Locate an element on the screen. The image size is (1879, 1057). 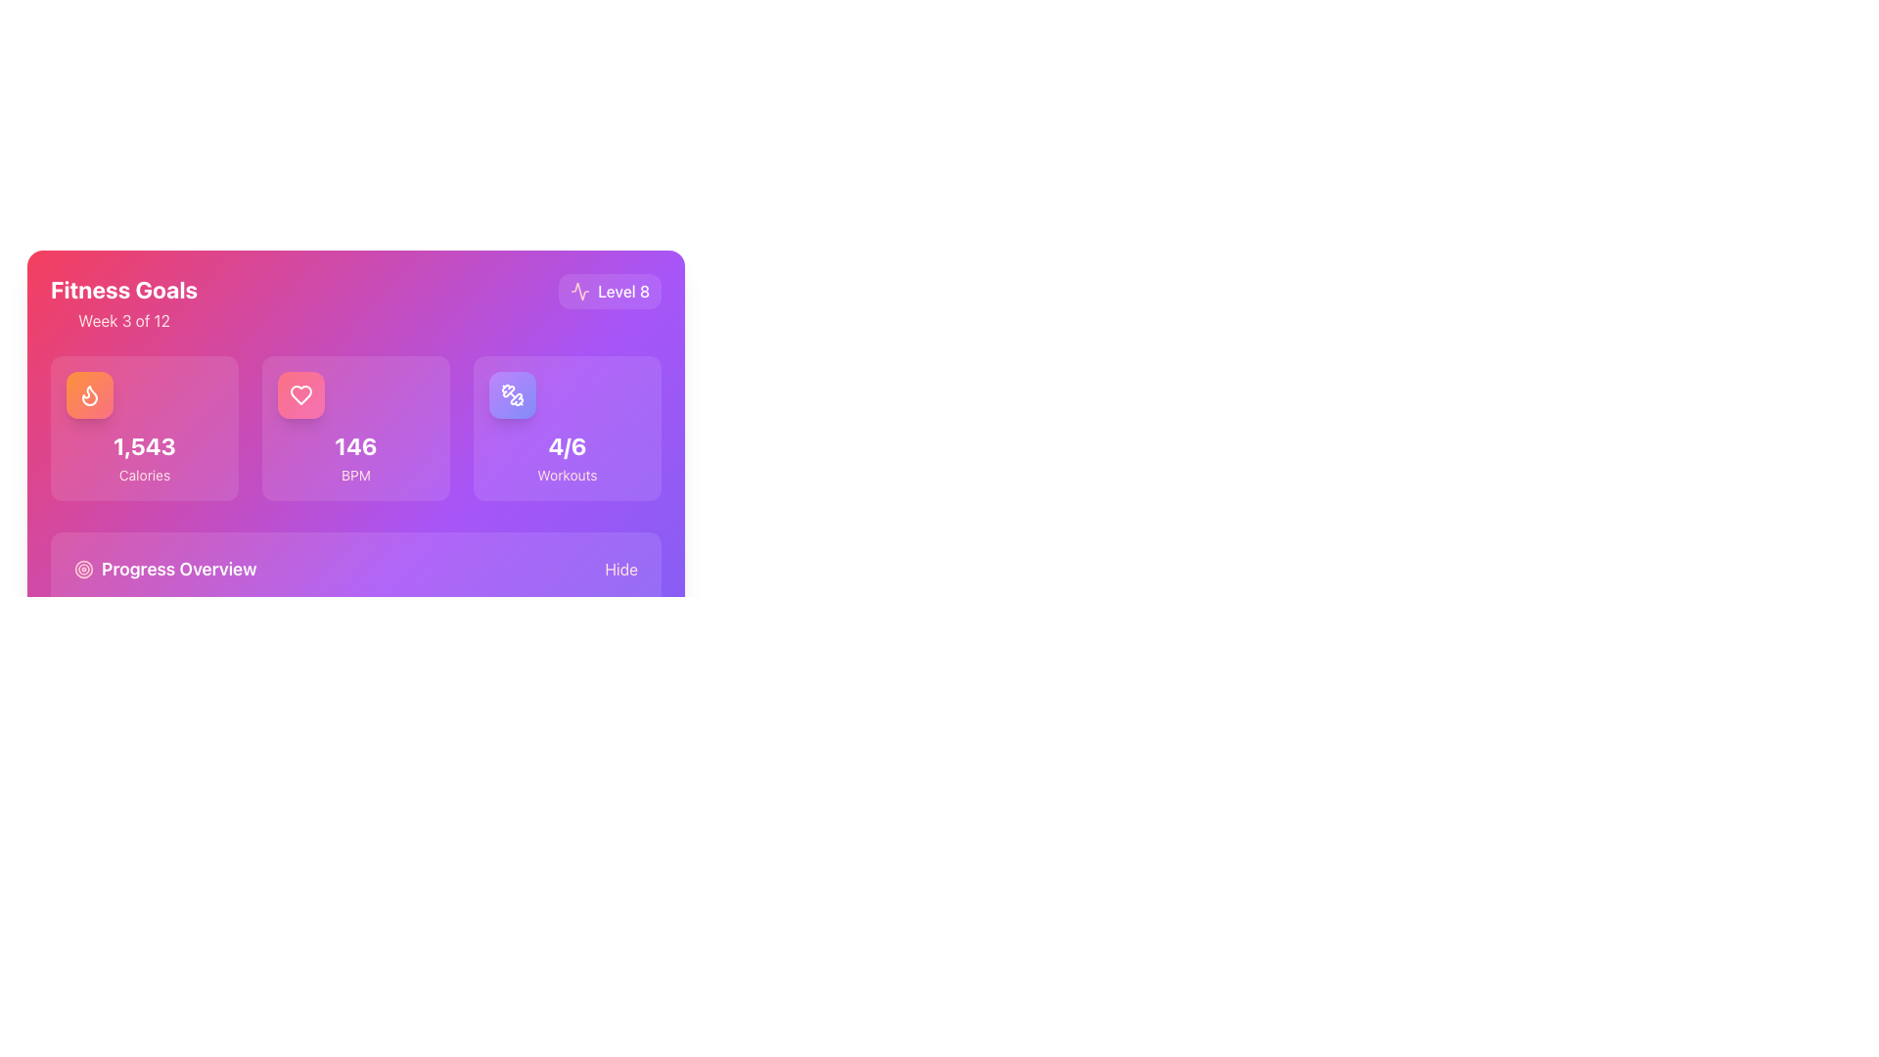
the 'Calories' label located at the bottom of the rectangular card, which provides context for the numerical value of 1,543 above it is located at coordinates (144, 476).